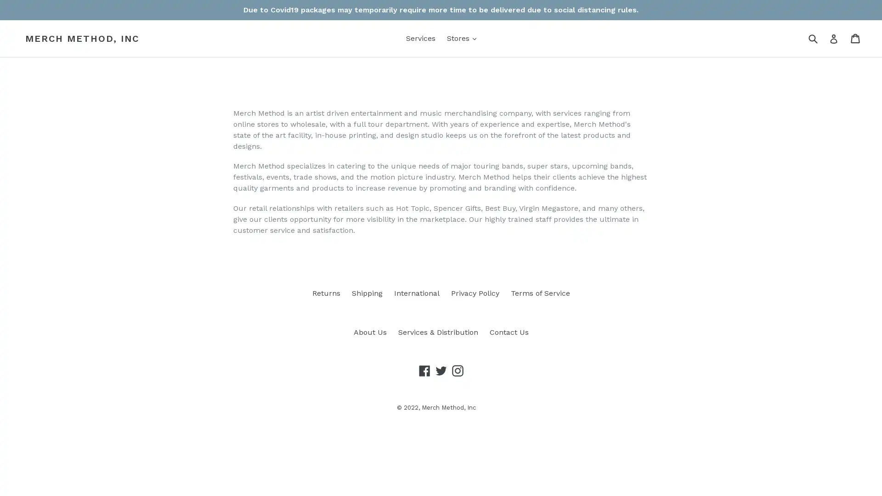 Image resolution: width=882 pixels, height=496 pixels. I want to click on Submit, so click(813, 38).